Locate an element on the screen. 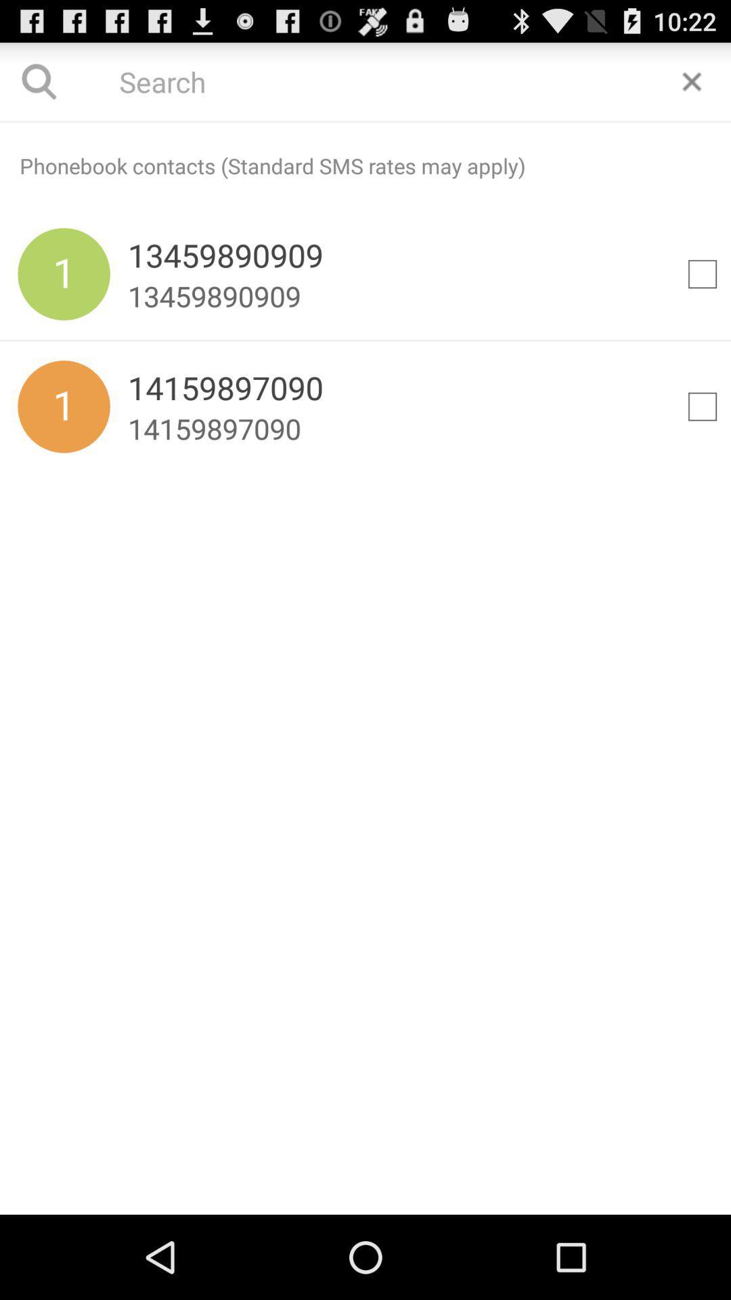  search field is located at coordinates (365, 122).